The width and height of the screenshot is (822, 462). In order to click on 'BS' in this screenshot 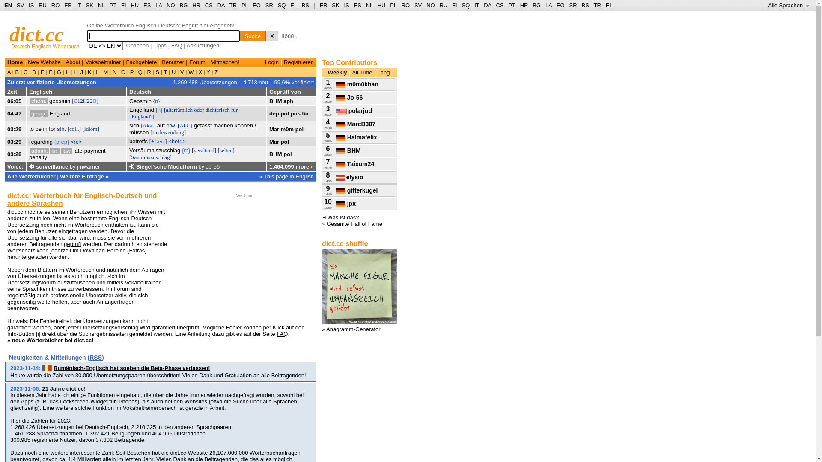, I will do `click(584, 5)`.